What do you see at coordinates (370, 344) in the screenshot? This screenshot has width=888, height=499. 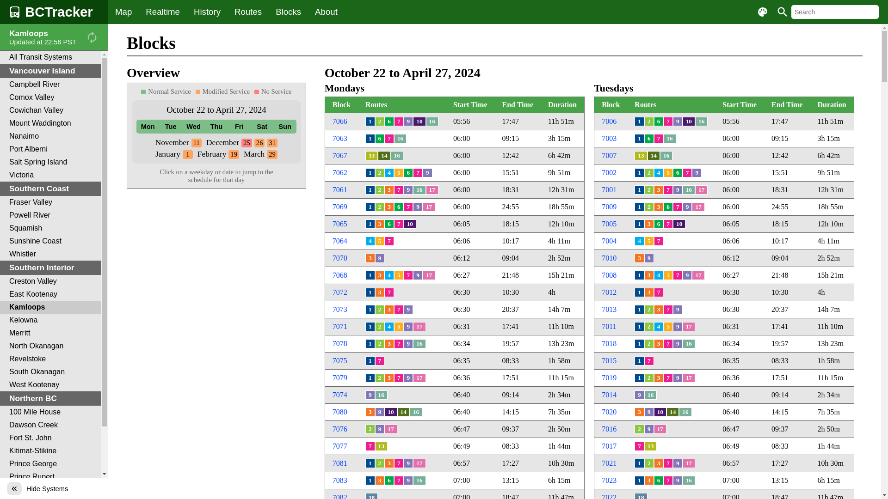 I see `'1'` at bounding box center [370, 344].